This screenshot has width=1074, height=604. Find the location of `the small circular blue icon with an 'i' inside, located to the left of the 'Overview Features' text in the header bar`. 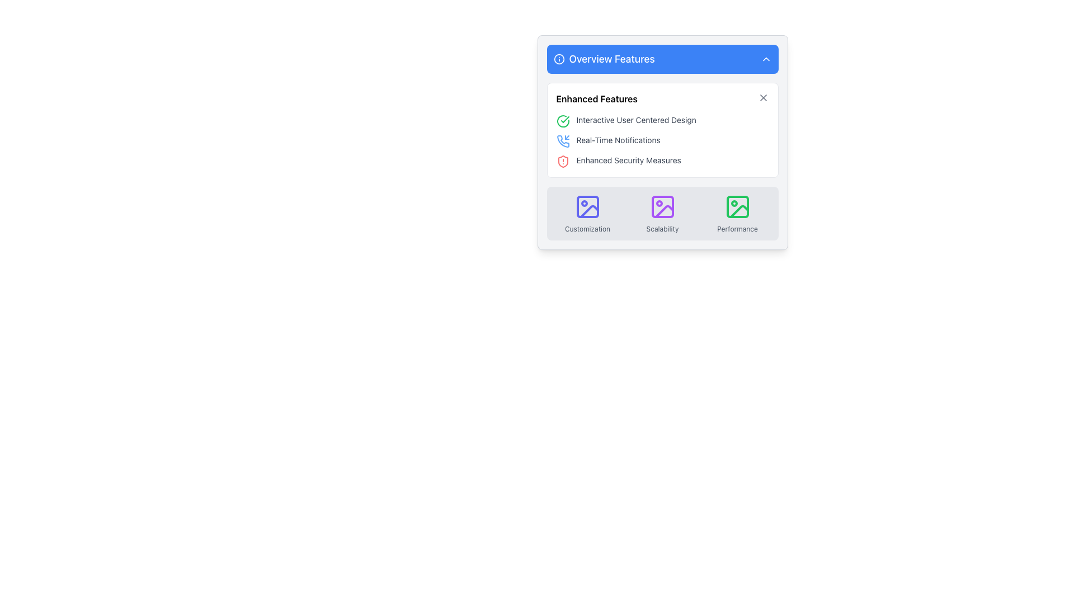

the small circular blue icon with an 'i' inside, located to the left of the 'Overview Features' text in the header bar is located at coordinates (559, 59).